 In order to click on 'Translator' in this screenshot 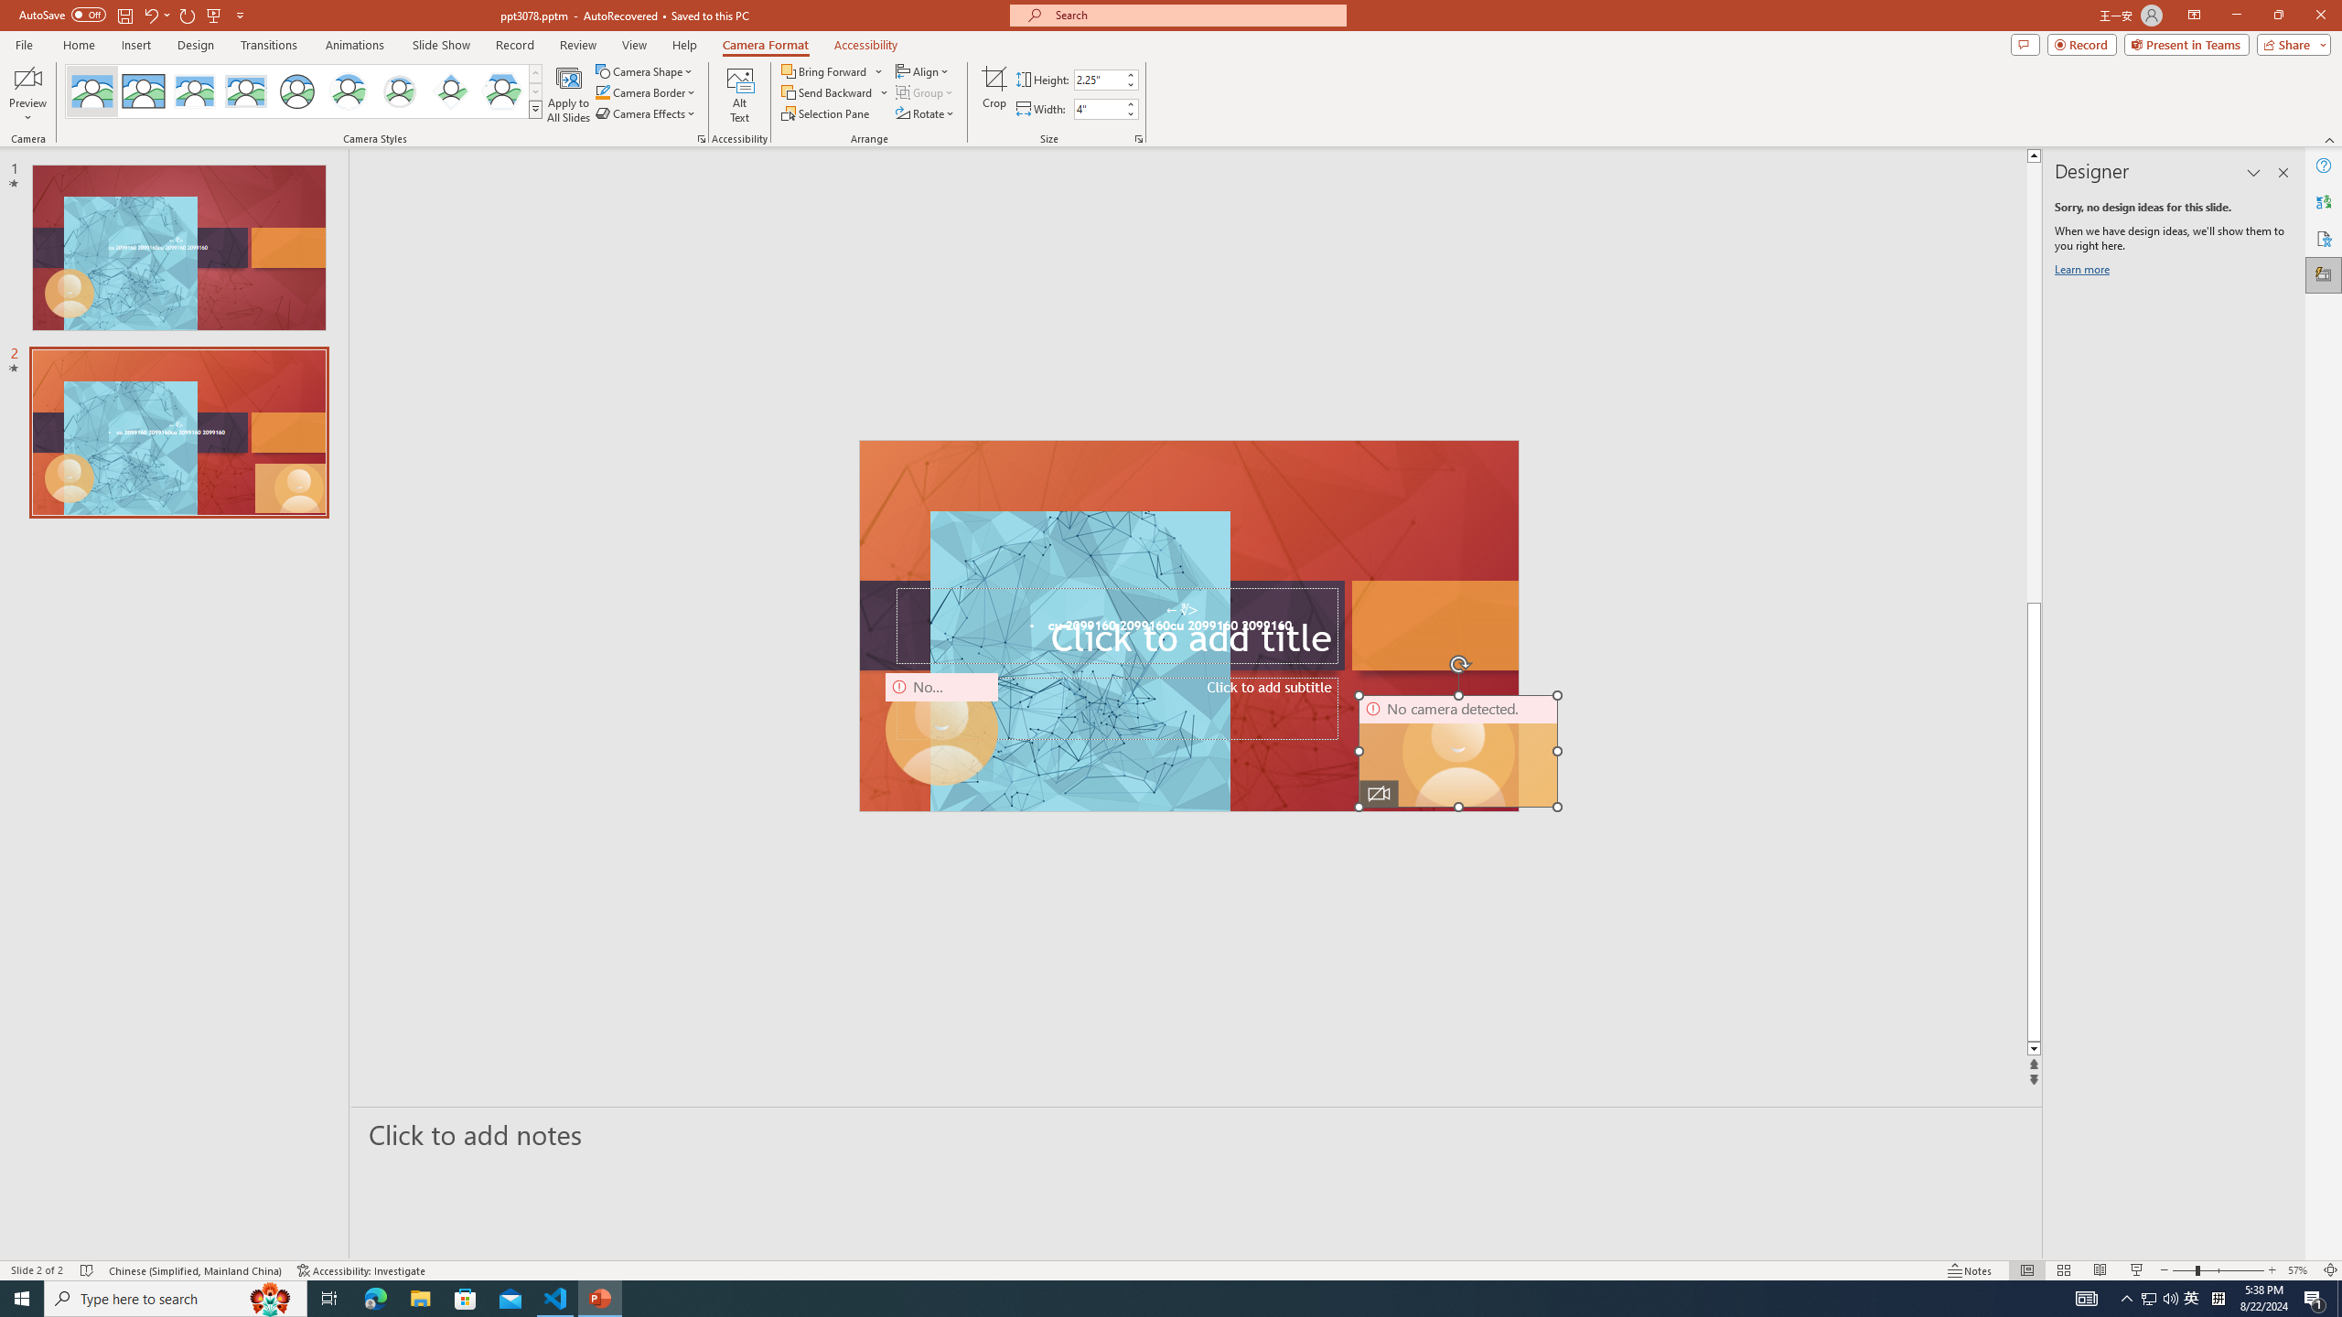, I will do `click(2323, 202)`.